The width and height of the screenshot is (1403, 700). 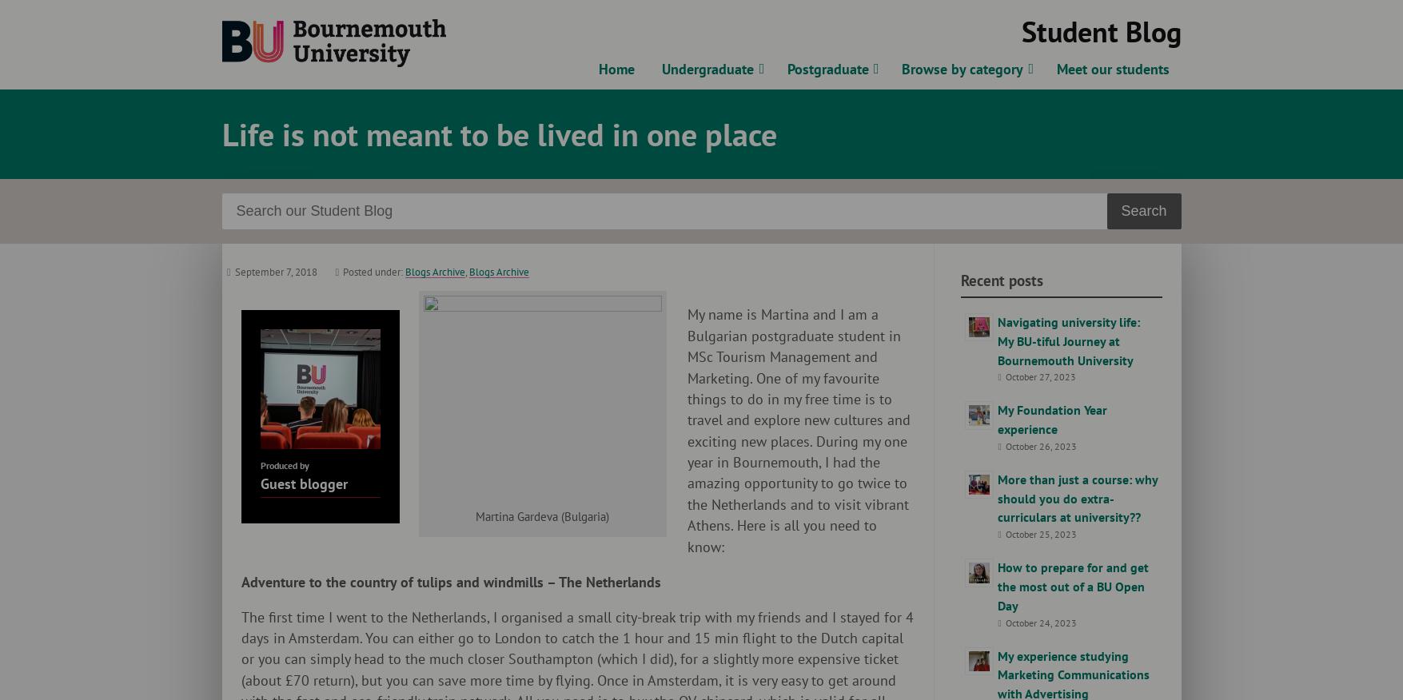 What do you see at coordinates (511, 28) in the screenshot?
I see `'Bournemouth University'` at bounding box center [511, 28].